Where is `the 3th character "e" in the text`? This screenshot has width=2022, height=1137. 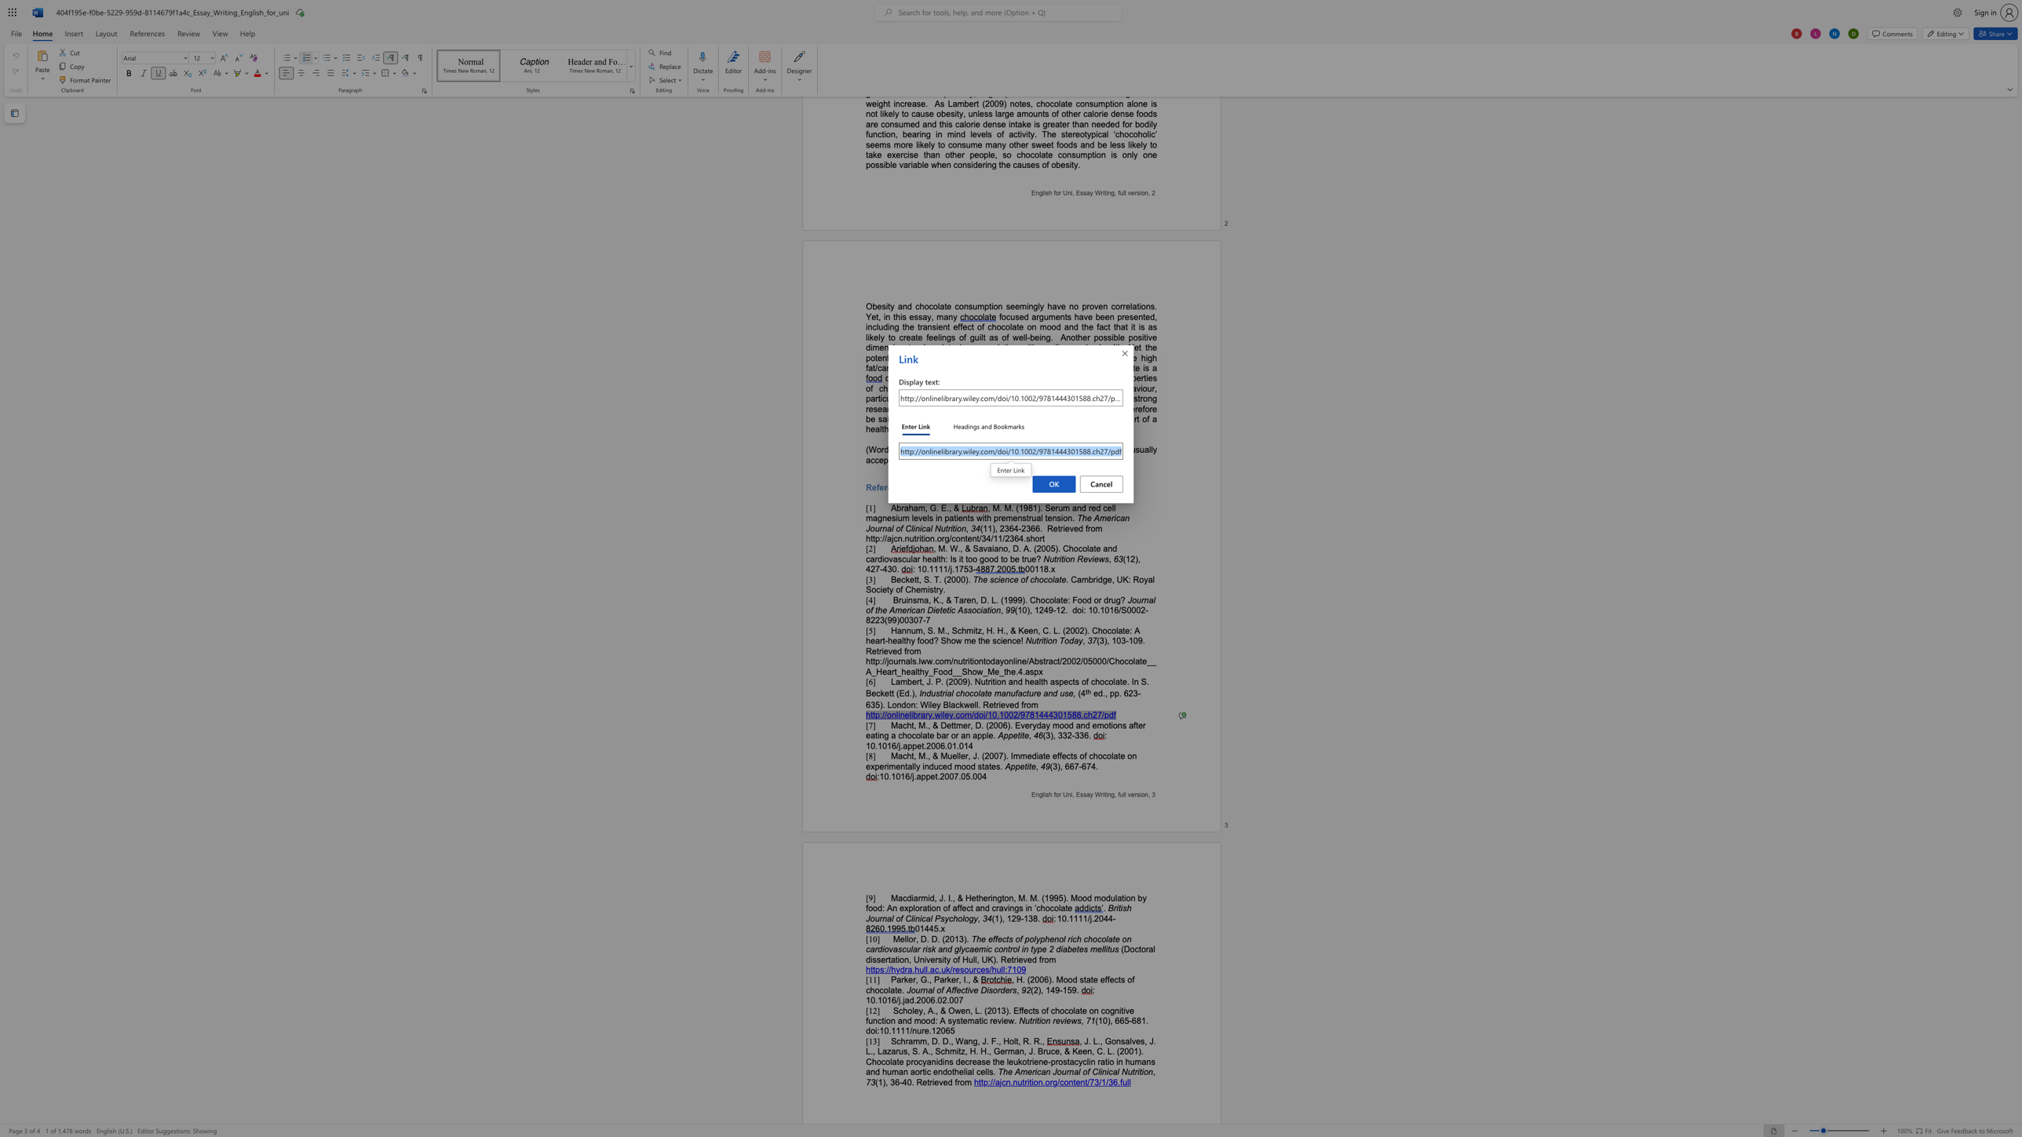 the 3th character "e" in the text is located at coordinates (945, 1081).